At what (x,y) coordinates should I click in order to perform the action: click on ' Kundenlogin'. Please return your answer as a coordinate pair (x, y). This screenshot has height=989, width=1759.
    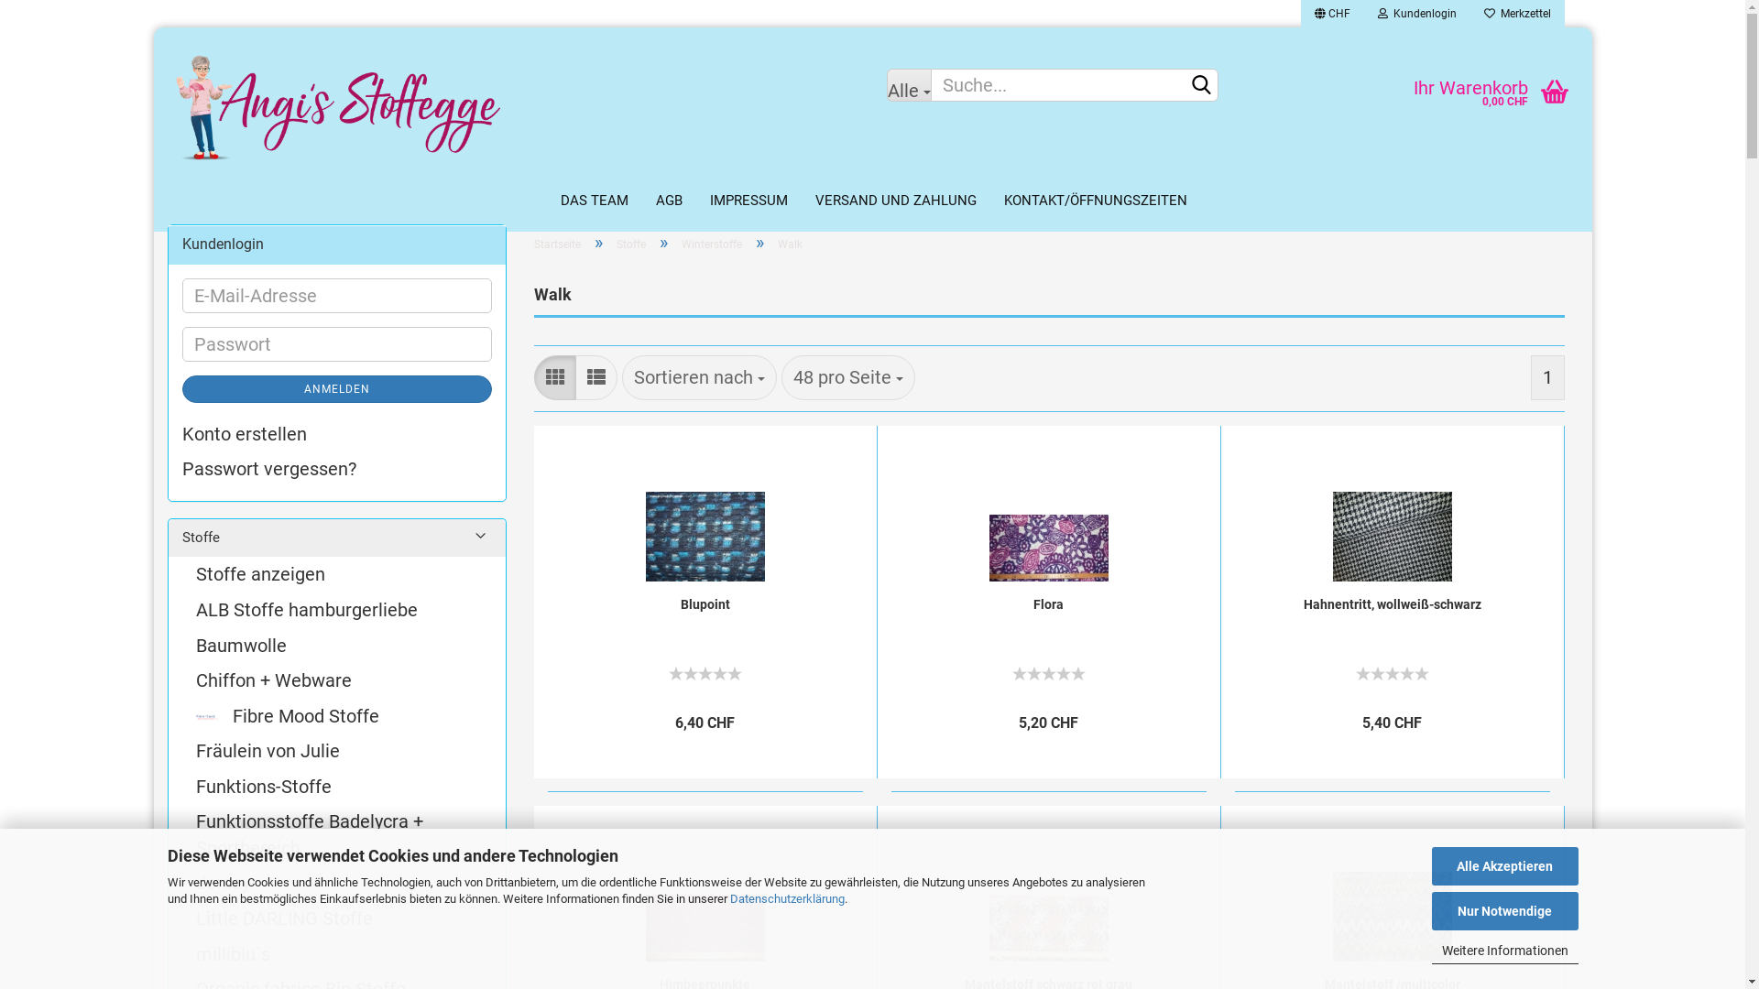
    Looking at the image, I should click on (1415, 16).